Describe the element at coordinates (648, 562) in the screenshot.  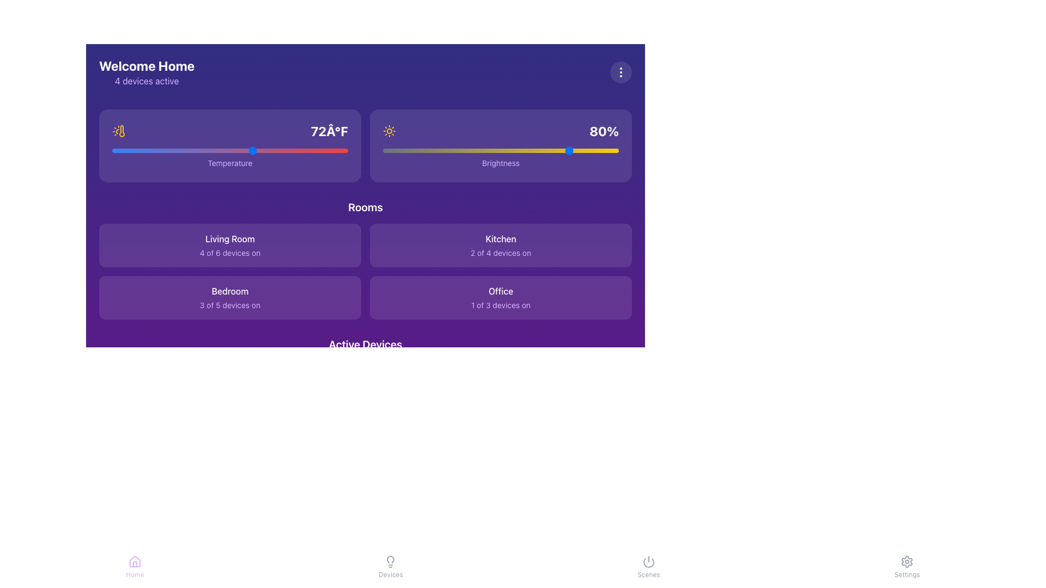
I see `the power icon located within the 'Scenes' navigation item on the far-right side of the bottom navigation bar` at that location.